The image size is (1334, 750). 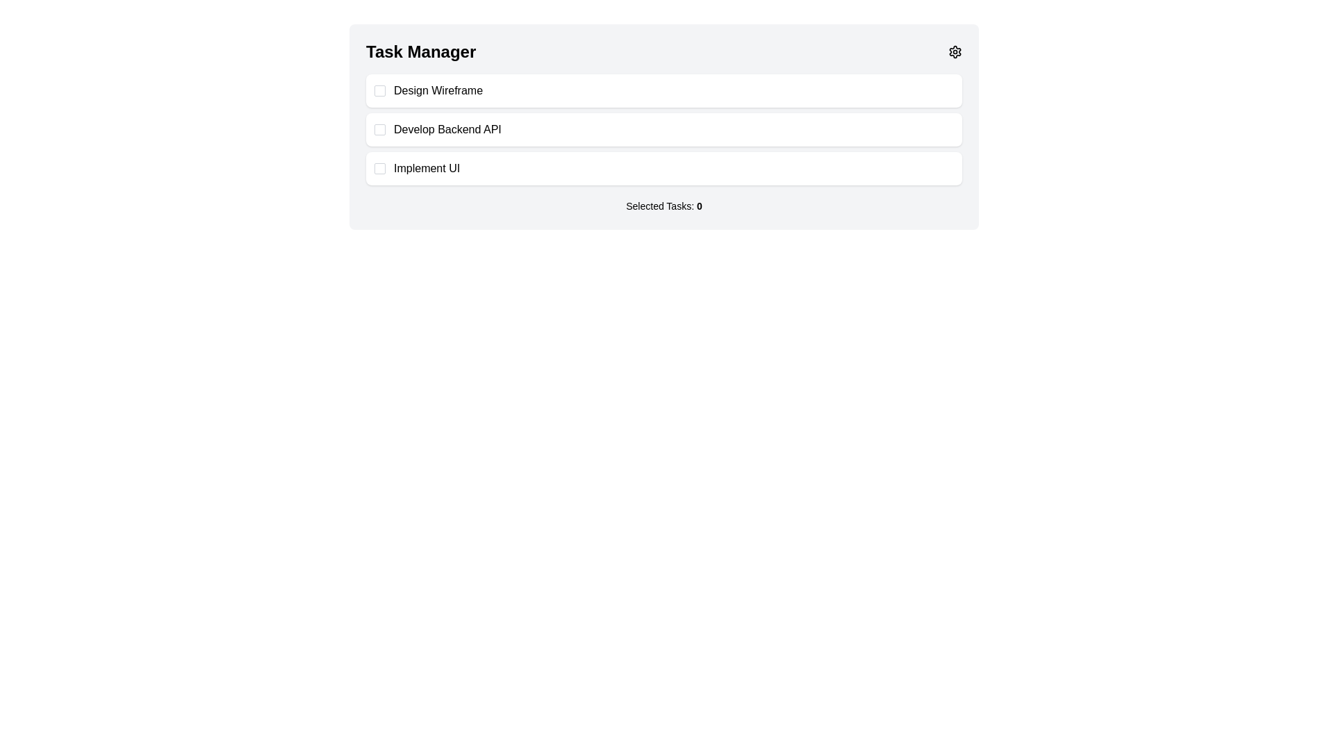 What do you see at coordinates (699, 206) in the screenshot?
I see `displayed text indicating the count of selected tasks from the text 'Selected Tasks: 0', located at the bottom of the Task Manager section` at bounding box center [699, 206].